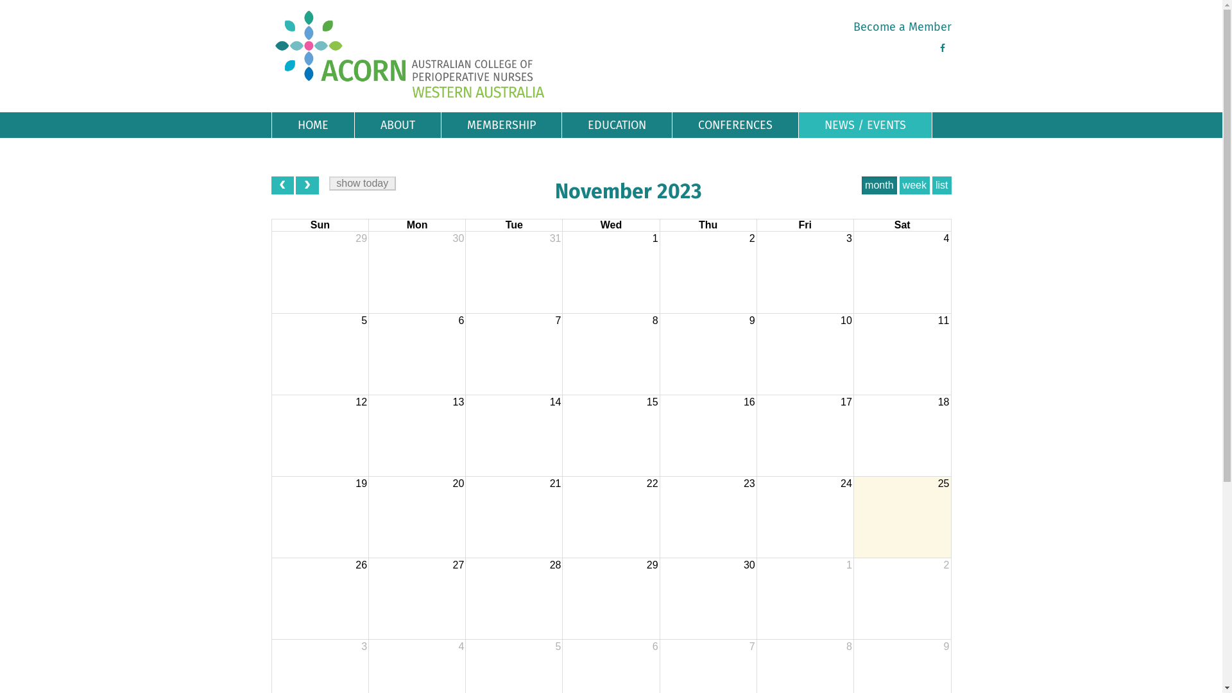 Image resolution: width=1232 pixels, height=693 pixels. Describe the element at coordinates (735, 125) in the screenshot. I see `'CONFERENCES'` at that location.